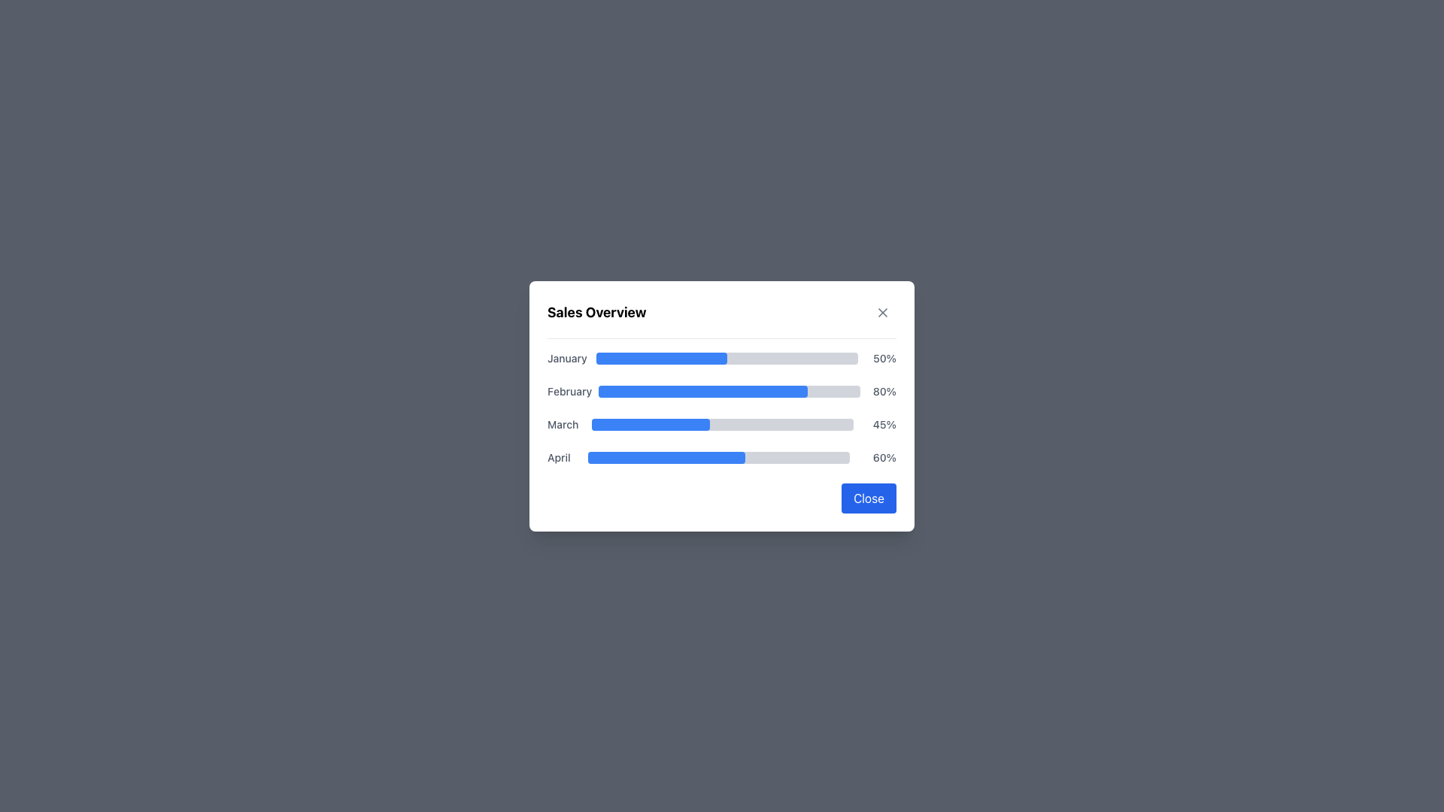 The image size is (1444, 812). I want to click on style or properties of the Progress Bar representing January's data in the 'Sales Overview' modal, which has a gray background and a blue filled section filling approximately 50%, so click(727, 358).